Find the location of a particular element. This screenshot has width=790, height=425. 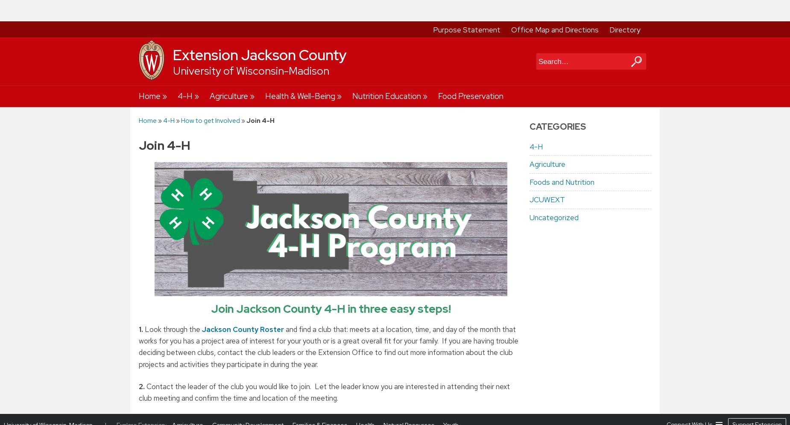

'Log into 4HOnline with your family email and password.' is located at coordinates (247, 244).